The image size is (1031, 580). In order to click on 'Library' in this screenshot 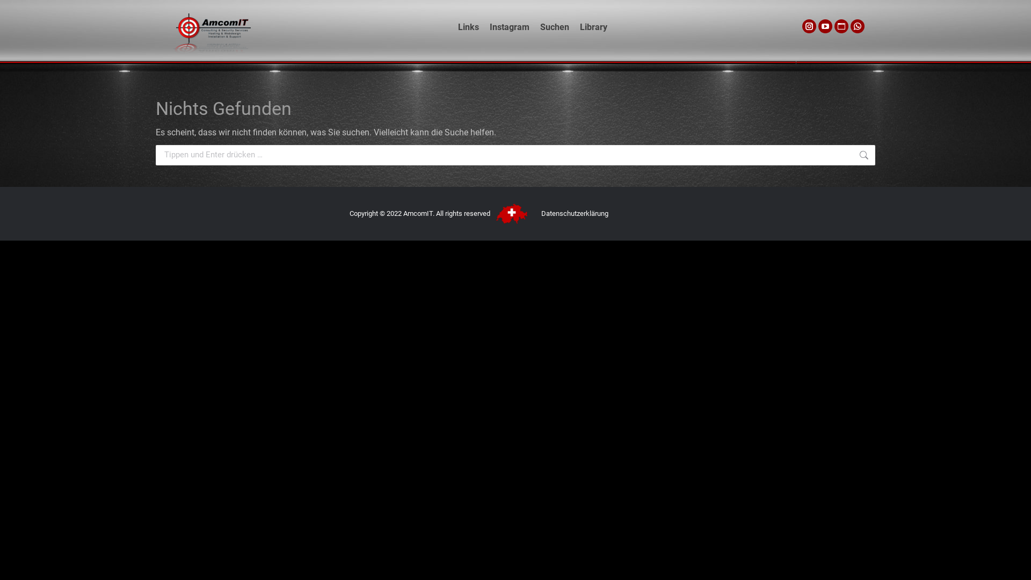, I will do `click(574, 26)`.